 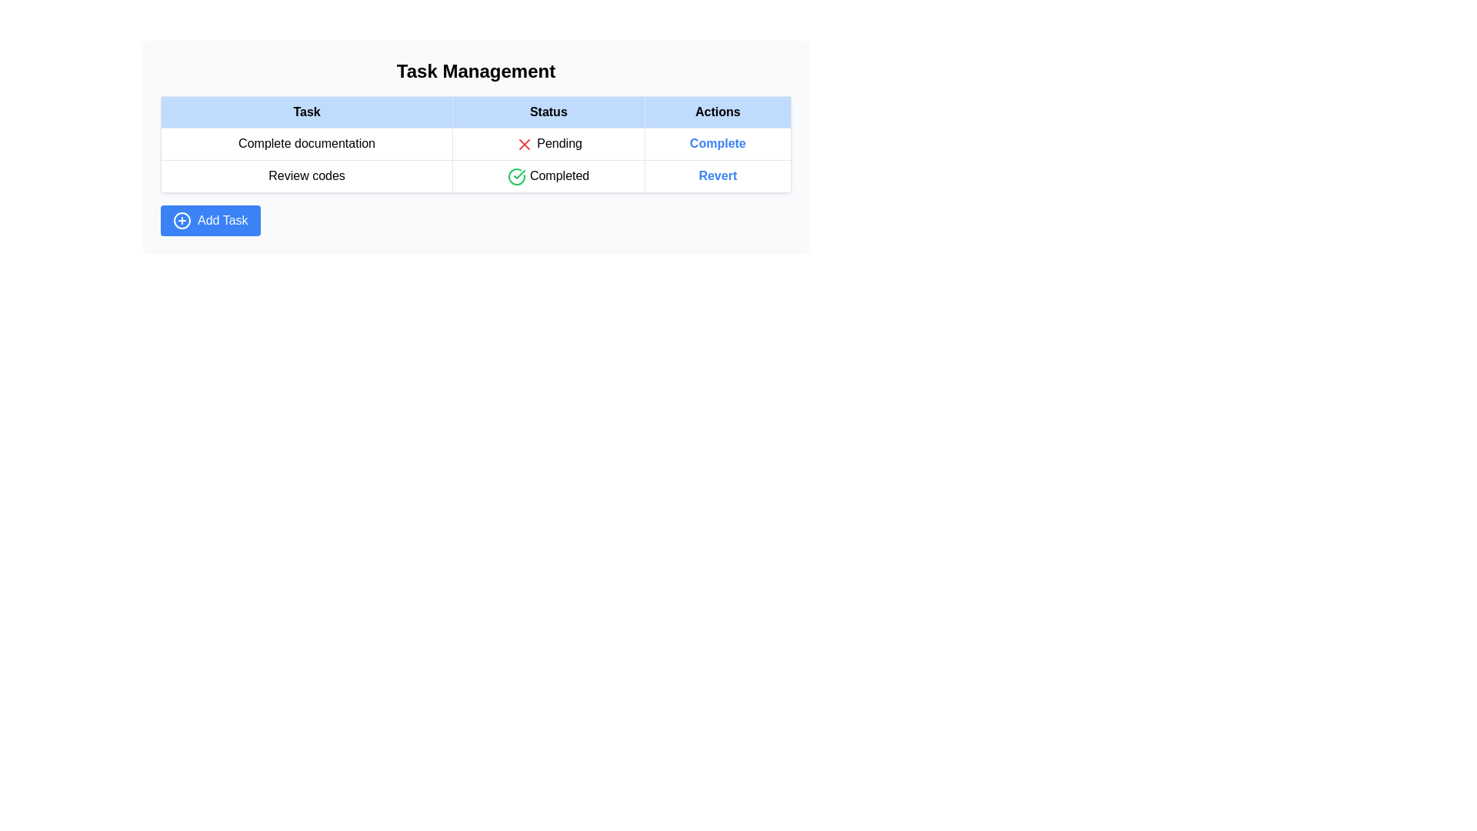 What do you see at coordinates (475, 175) in the screenshot?
I see `the second row in the table of the 'Task Management' section, which displays the task 'Review codes' with a status of 'Completed' and an interactive link 'Revert'` at bounding box center [475, 175].